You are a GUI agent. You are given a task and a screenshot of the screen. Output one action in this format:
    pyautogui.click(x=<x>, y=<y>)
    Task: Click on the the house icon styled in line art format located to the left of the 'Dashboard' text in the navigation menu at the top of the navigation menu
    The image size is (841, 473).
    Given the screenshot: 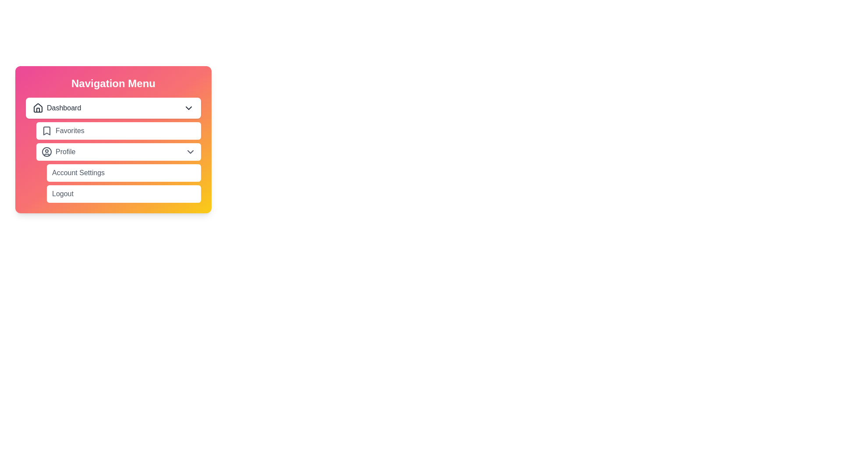 What is the action you would take?
    pyautogui.click(x=37, y=107)
    